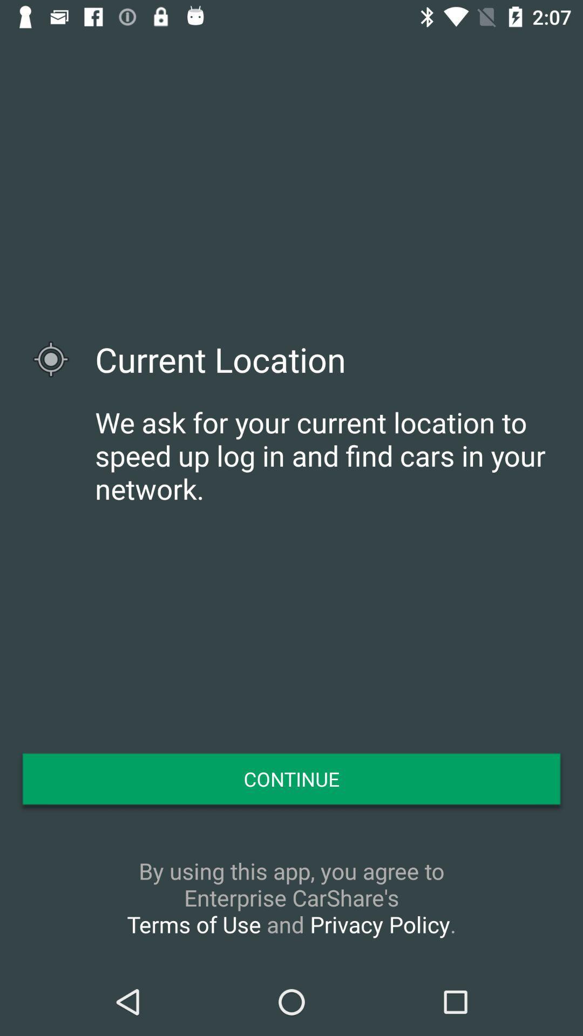  I want to click on icon below continue item, so click(291, 897).